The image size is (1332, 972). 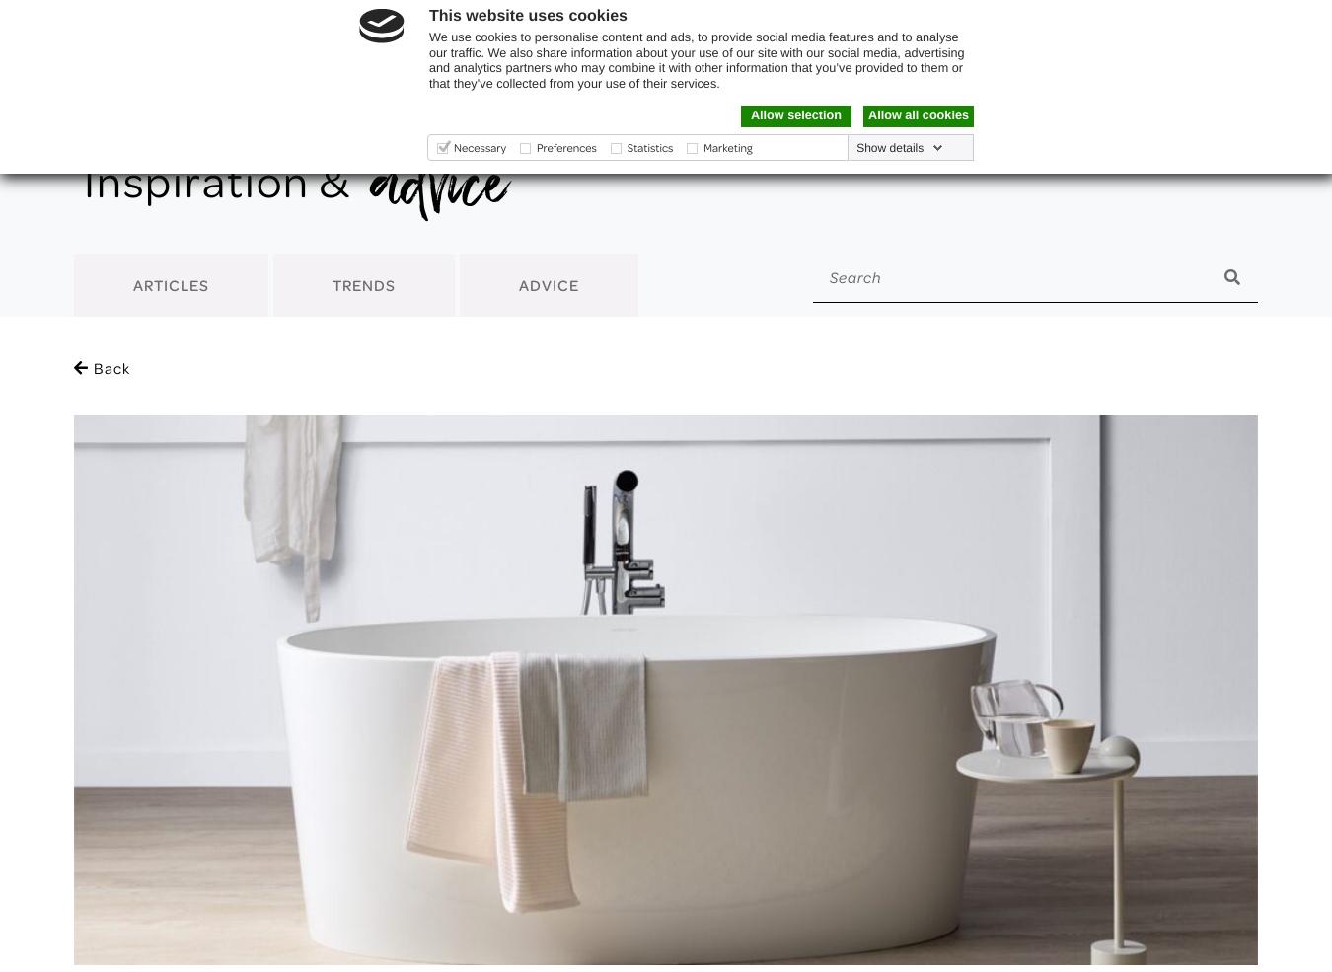 I want to click on 'This website uses cookies', so click(x=527, y=15).